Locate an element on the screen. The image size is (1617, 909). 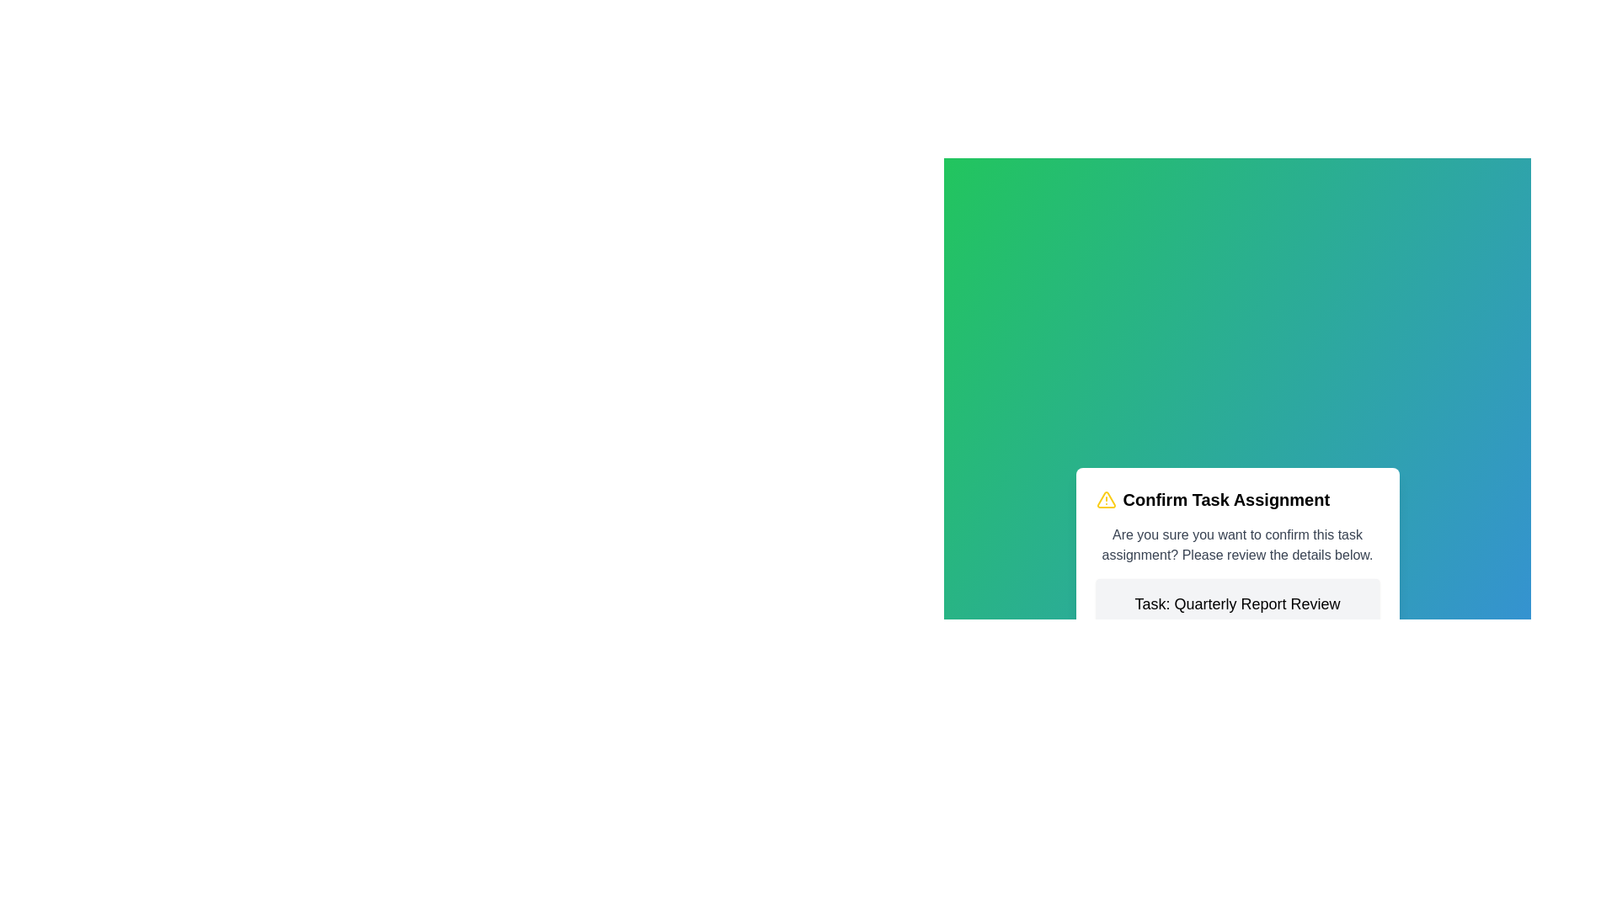
the yellow triangular warning icon with an exclamation mark, located to the left of the 'Confirm Task Assignment' header in the popup modal window is located at coordinates (1106, 499).